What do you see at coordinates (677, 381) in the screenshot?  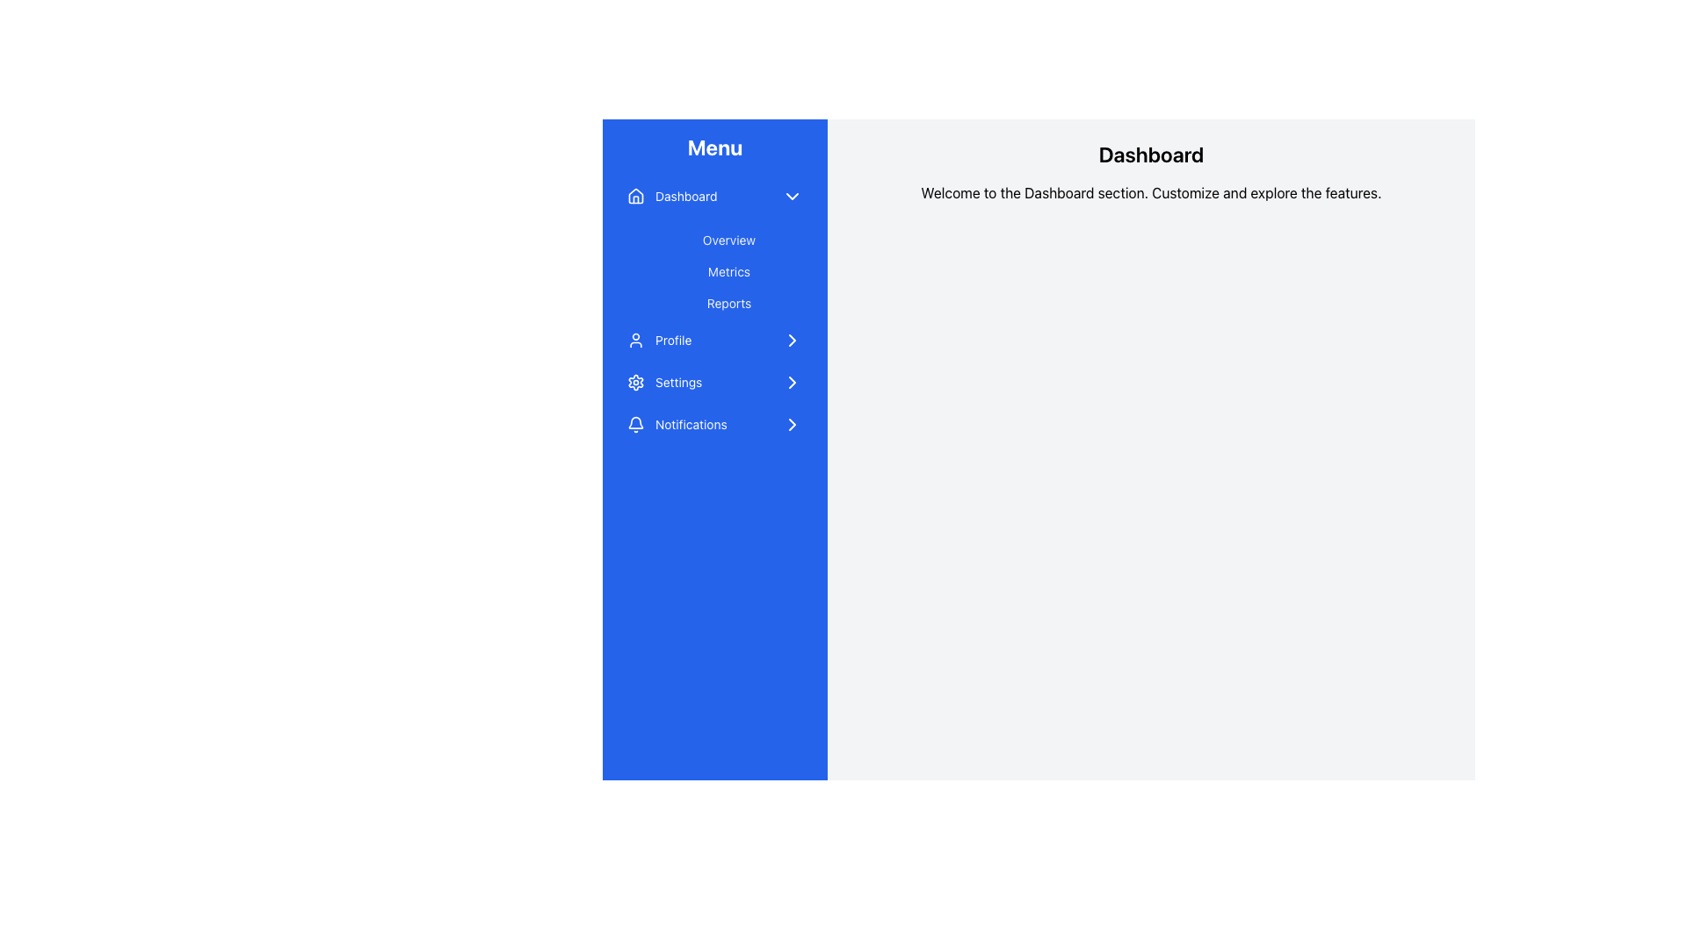 I see `the 'Settings' text label, which is the fourth item in the vertical menu on the left side of the interface, following the gear icon` at bounding box center [677, 381].